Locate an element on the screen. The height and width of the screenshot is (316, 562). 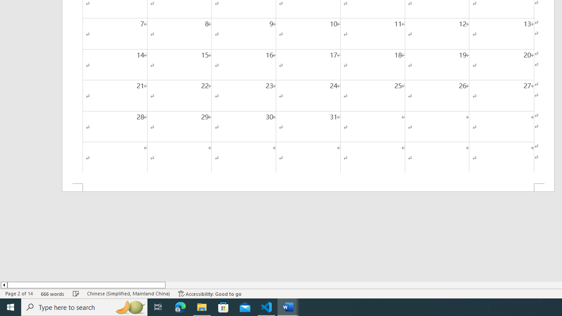
'Spelling and Grammar Check Checking' is located at coordinates (76, 294).